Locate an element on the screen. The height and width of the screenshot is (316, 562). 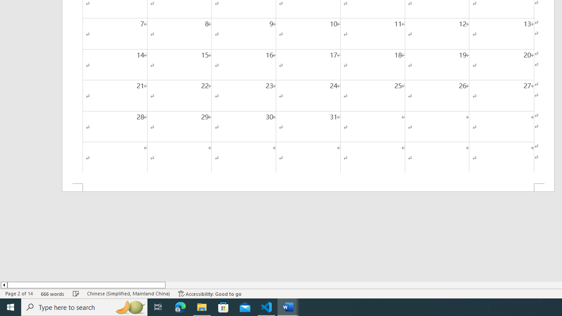
'Spelling and Grammar Check Checking' is located at coordinates (76, 294).